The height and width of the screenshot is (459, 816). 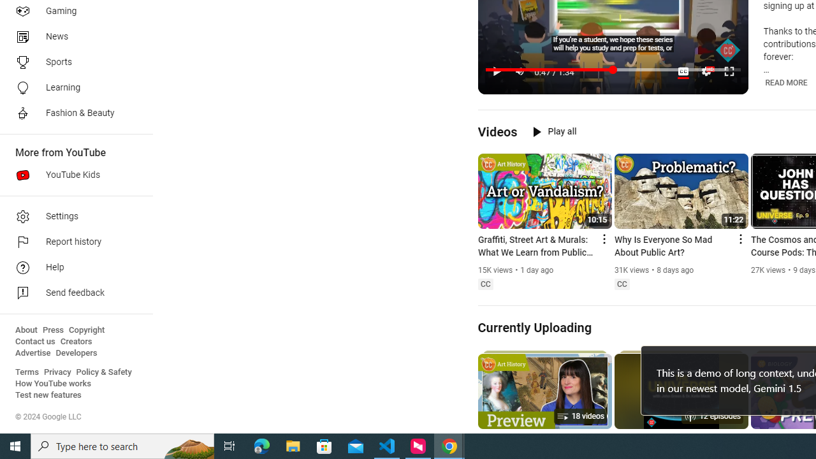 I want to click on 'Policy & Safety', so click(x=104, y=372).